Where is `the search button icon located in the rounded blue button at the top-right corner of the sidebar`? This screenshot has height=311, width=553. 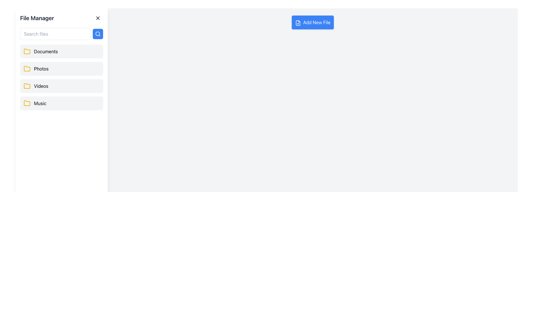 the search button icon located in the rounded blue button at the top-right corner of the sidebar is located at coordinates (98, 34).